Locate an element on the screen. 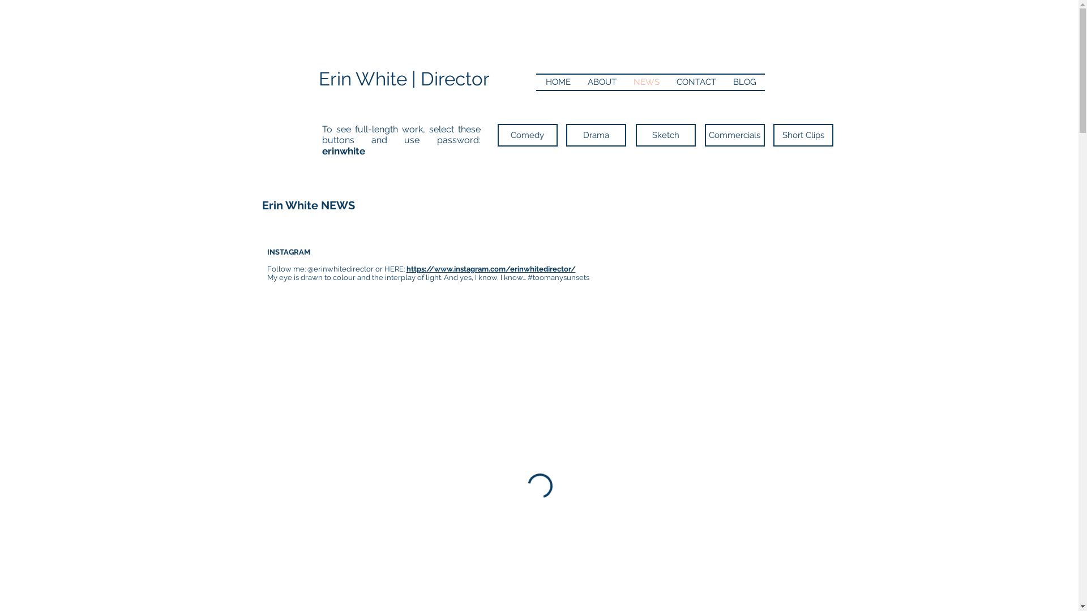 This screenshot has height=611, width=1087. 'Sketch' is located at coordinates (665, 135).